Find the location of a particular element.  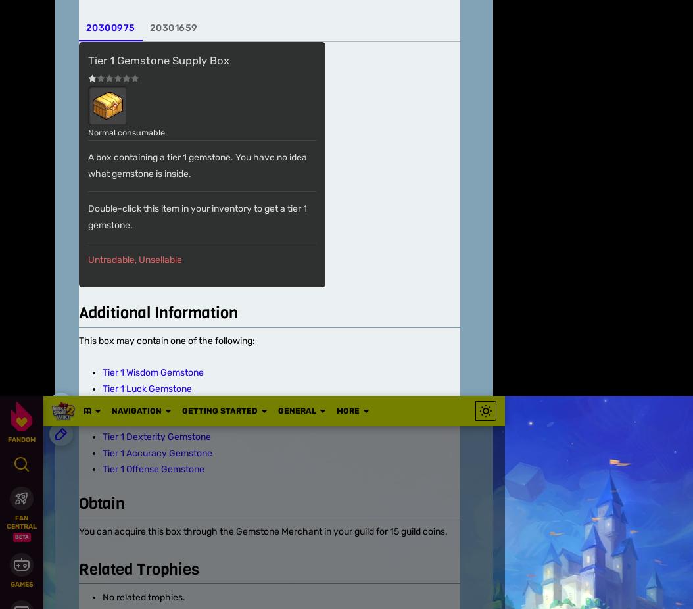

'Community Central' is located at coordinates (95, 454).